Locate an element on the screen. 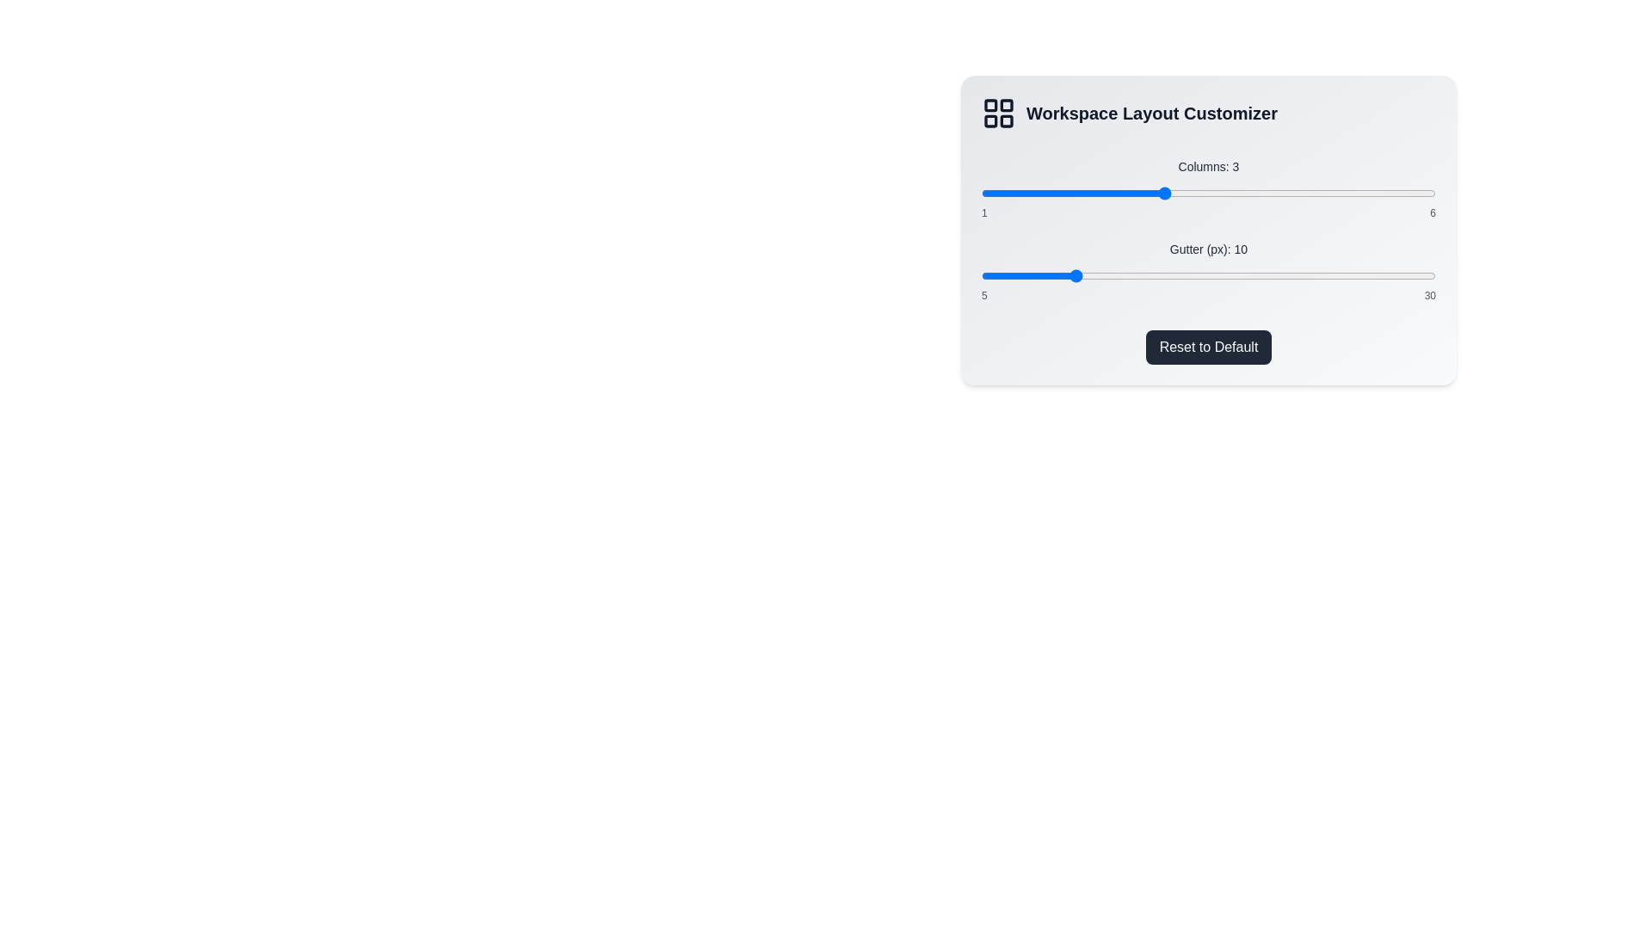 The width and height of the screenshot is (1652, 929). the 'Gutter (px)' slider to set the gutter size to 8 px is located at coordinates (1035, 274).